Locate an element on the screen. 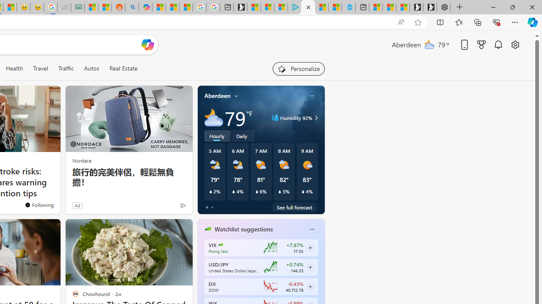 This screenshot has width=542, height=304. 'Class: weather-current-precipitation-glyph' is located at coordinates (303, 191).